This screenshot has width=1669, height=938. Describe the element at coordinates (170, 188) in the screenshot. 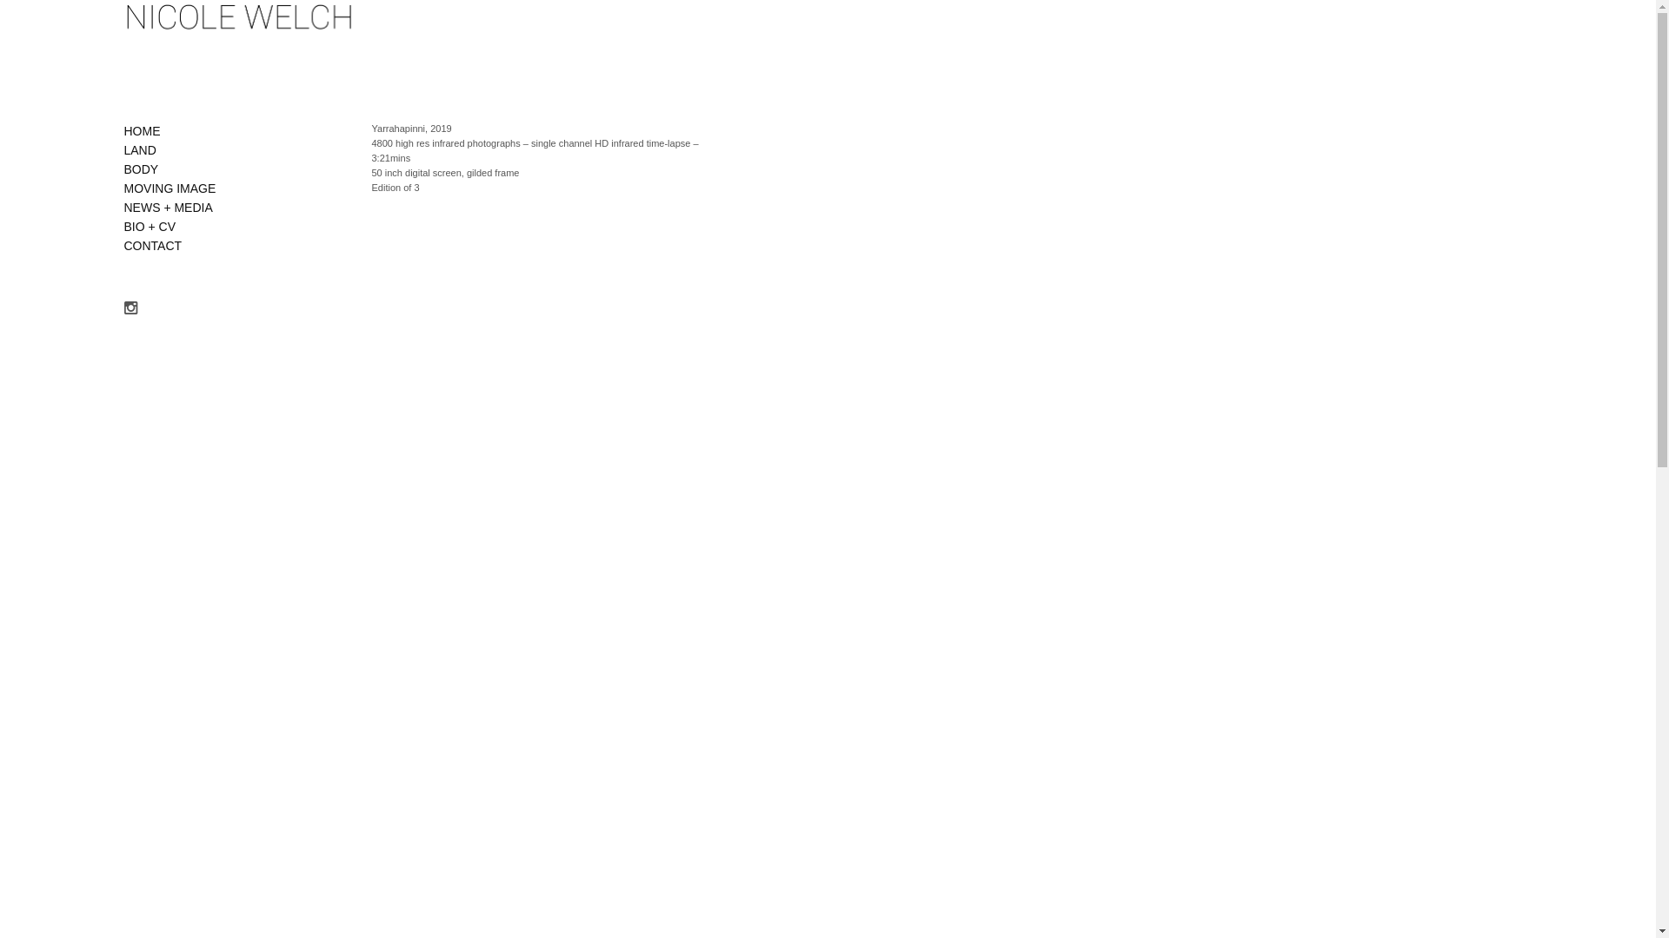

I see `'MOVING IMAGE'` at that location.